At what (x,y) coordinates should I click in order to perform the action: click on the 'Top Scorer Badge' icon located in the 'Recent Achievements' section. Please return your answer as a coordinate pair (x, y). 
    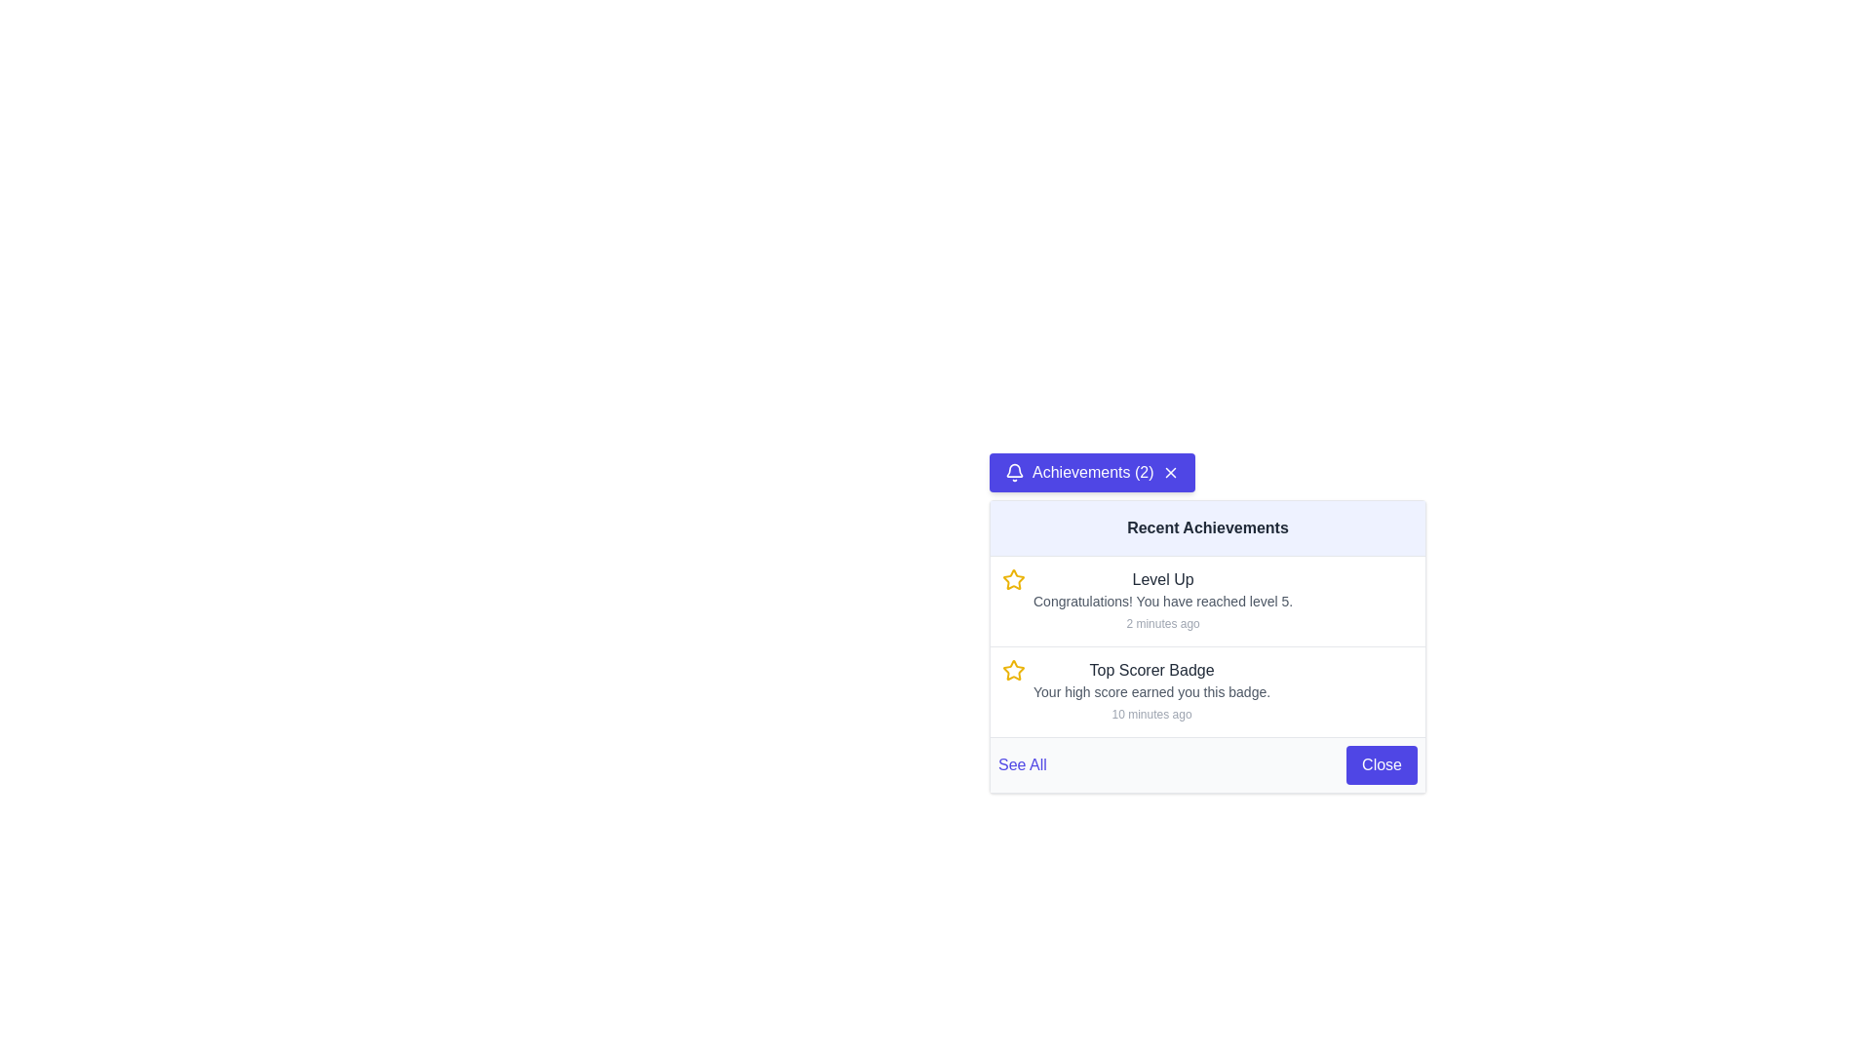
    Looking at the image, I should click on (1014, 669).